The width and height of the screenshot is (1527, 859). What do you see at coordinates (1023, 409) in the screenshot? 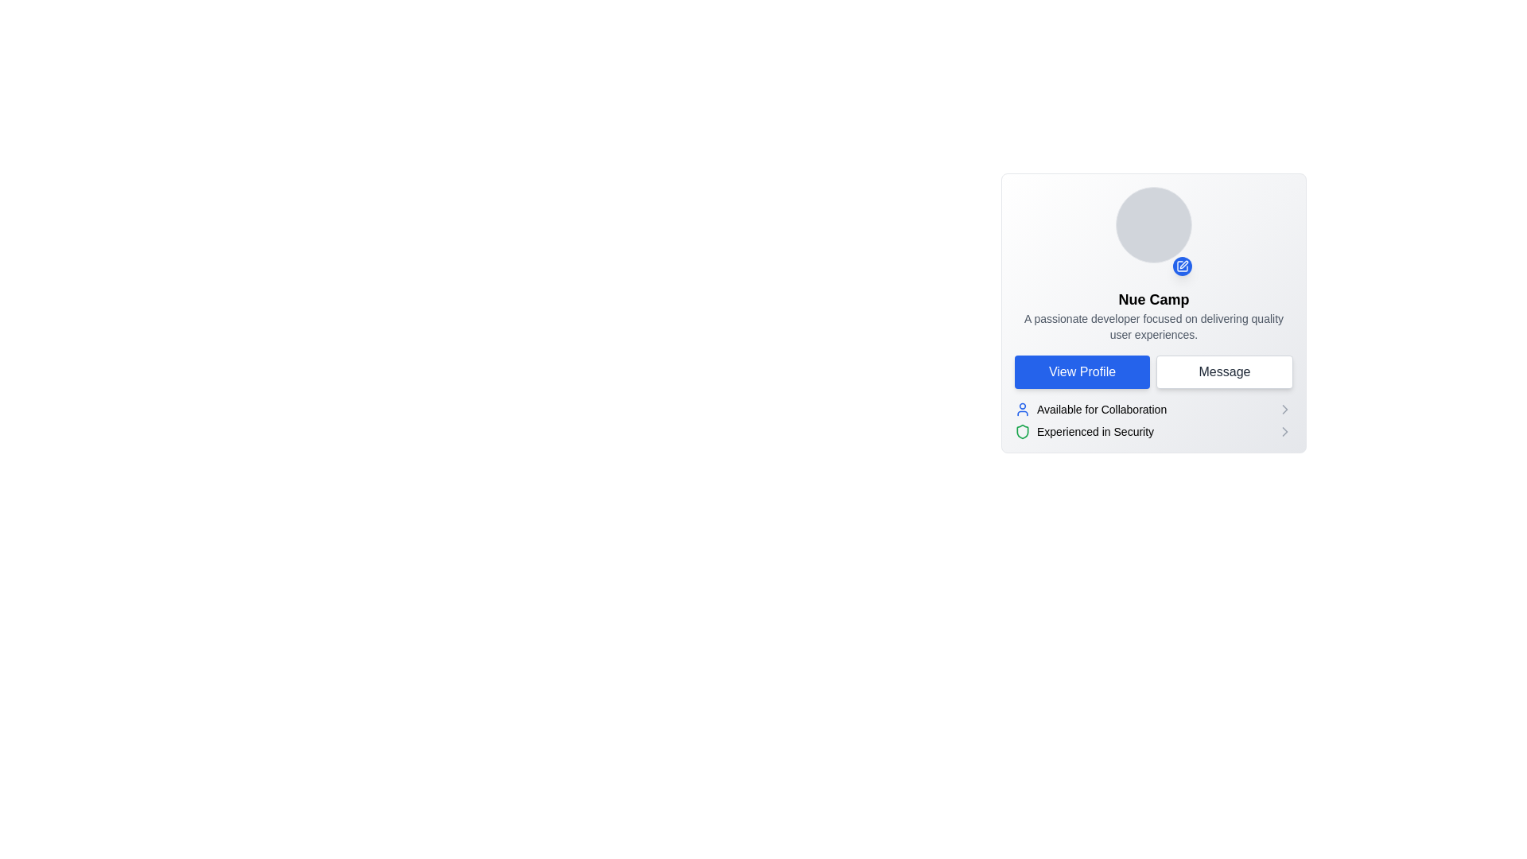
I see `the availability icon located to the left of the text label 'Available for Collaboration'` at bounding box center [1023, 409].